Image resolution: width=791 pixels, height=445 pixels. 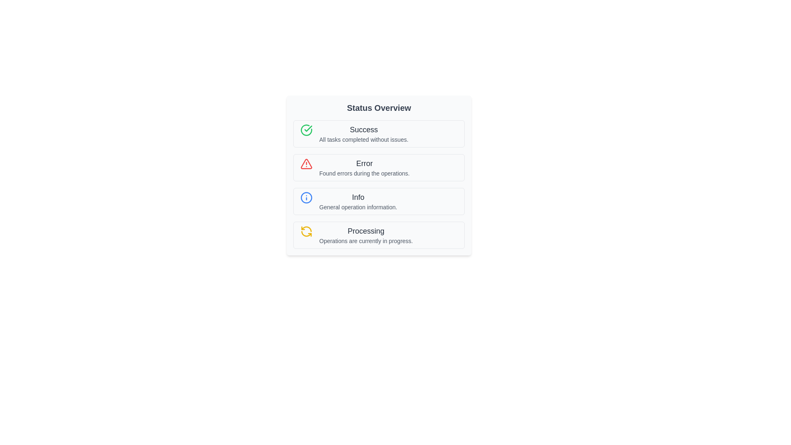 I want to click on the text element providing clarification about the ongoing operation status located below the 'Processing' label and to the right of the processing state icon, so click(x=365, y=241).